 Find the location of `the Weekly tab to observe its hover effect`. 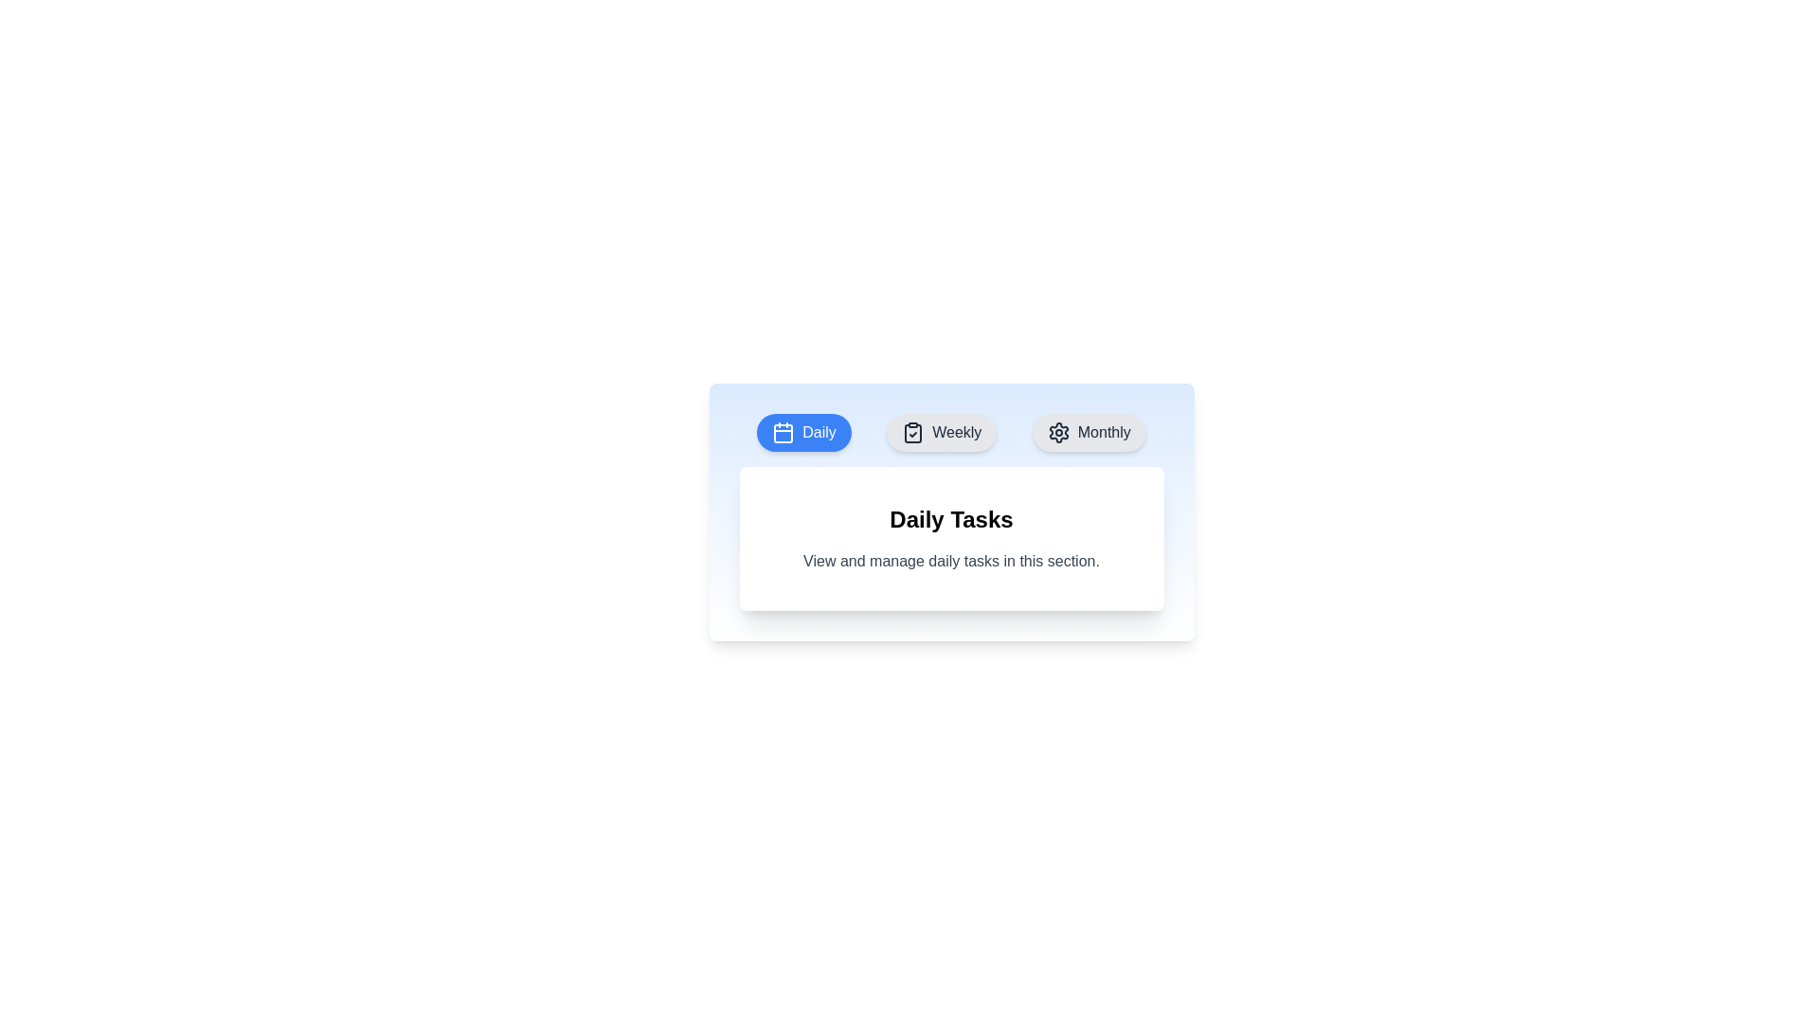

the Weekly tab to observe its hover effect is located at coordinates (942, 432).